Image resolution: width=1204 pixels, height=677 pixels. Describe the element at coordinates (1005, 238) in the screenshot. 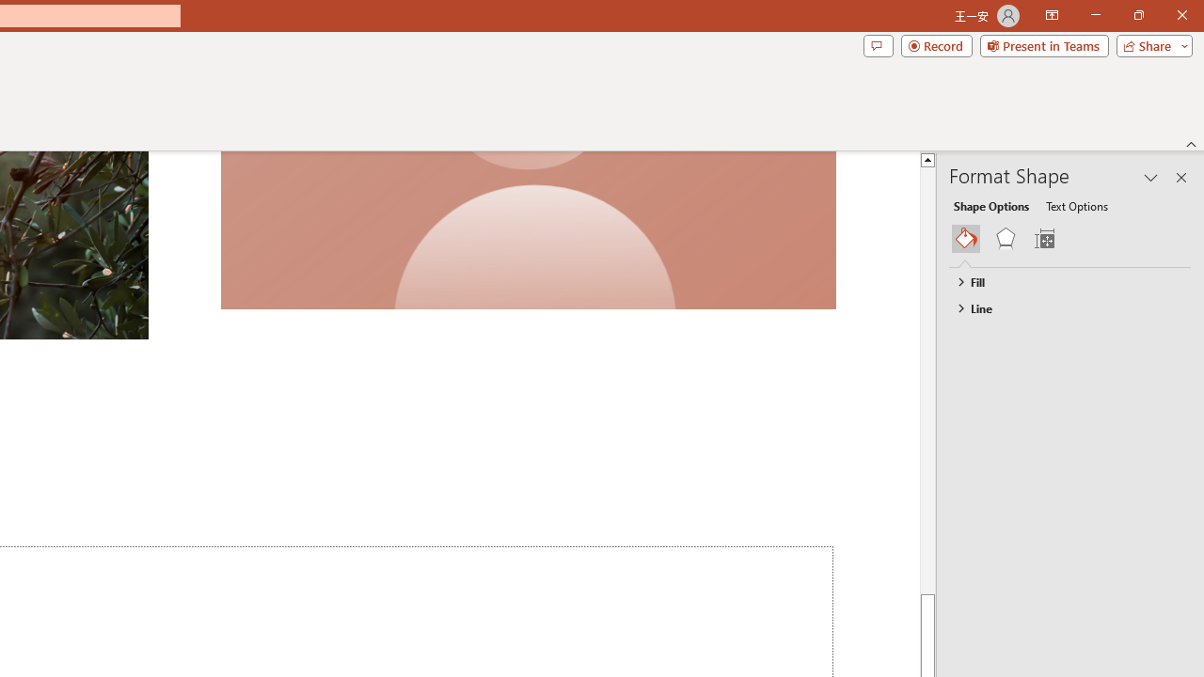

I see `'Effects'` at that location.